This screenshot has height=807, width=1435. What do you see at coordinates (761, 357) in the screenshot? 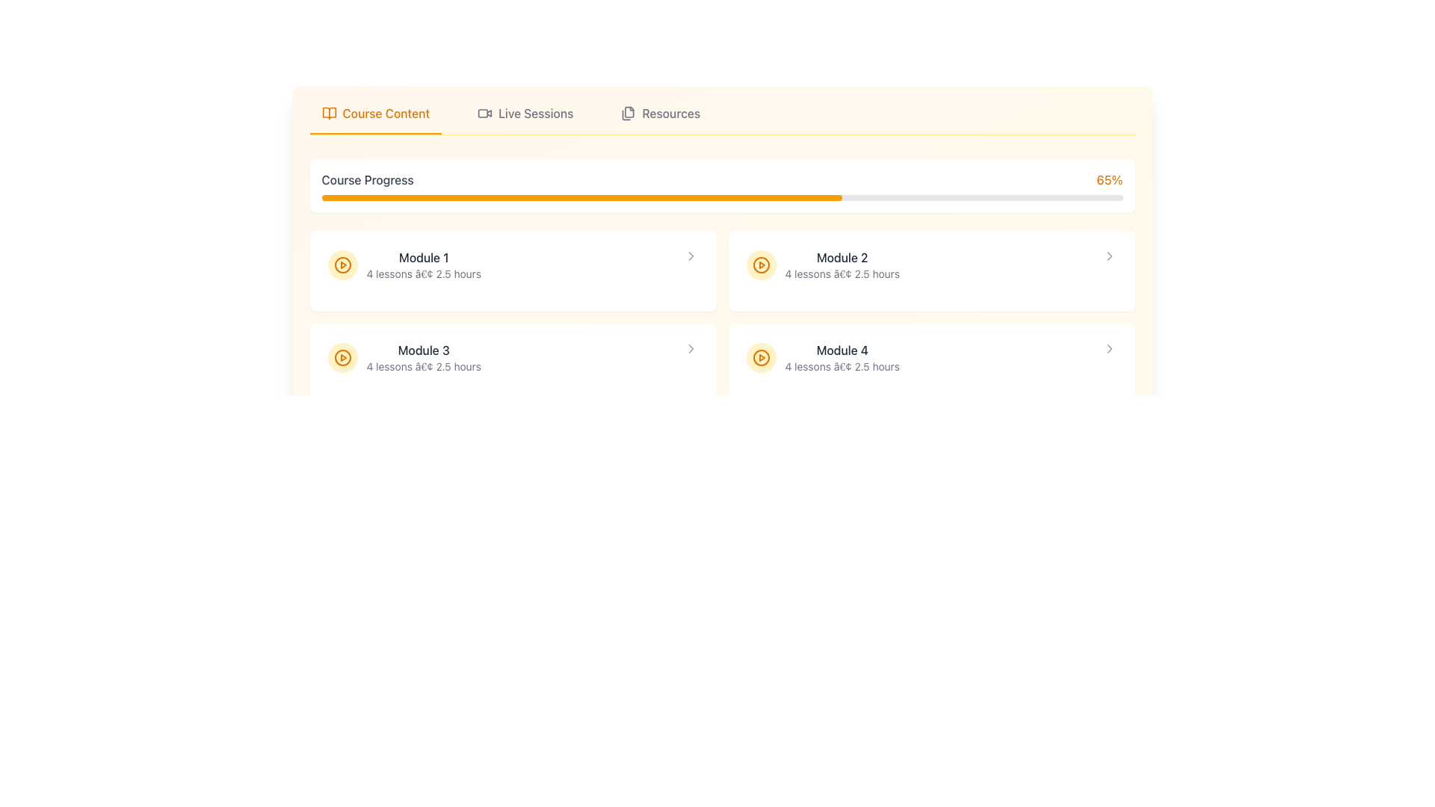
I see `the Circular icon with a play symbol` at bounding box center [761, 357].